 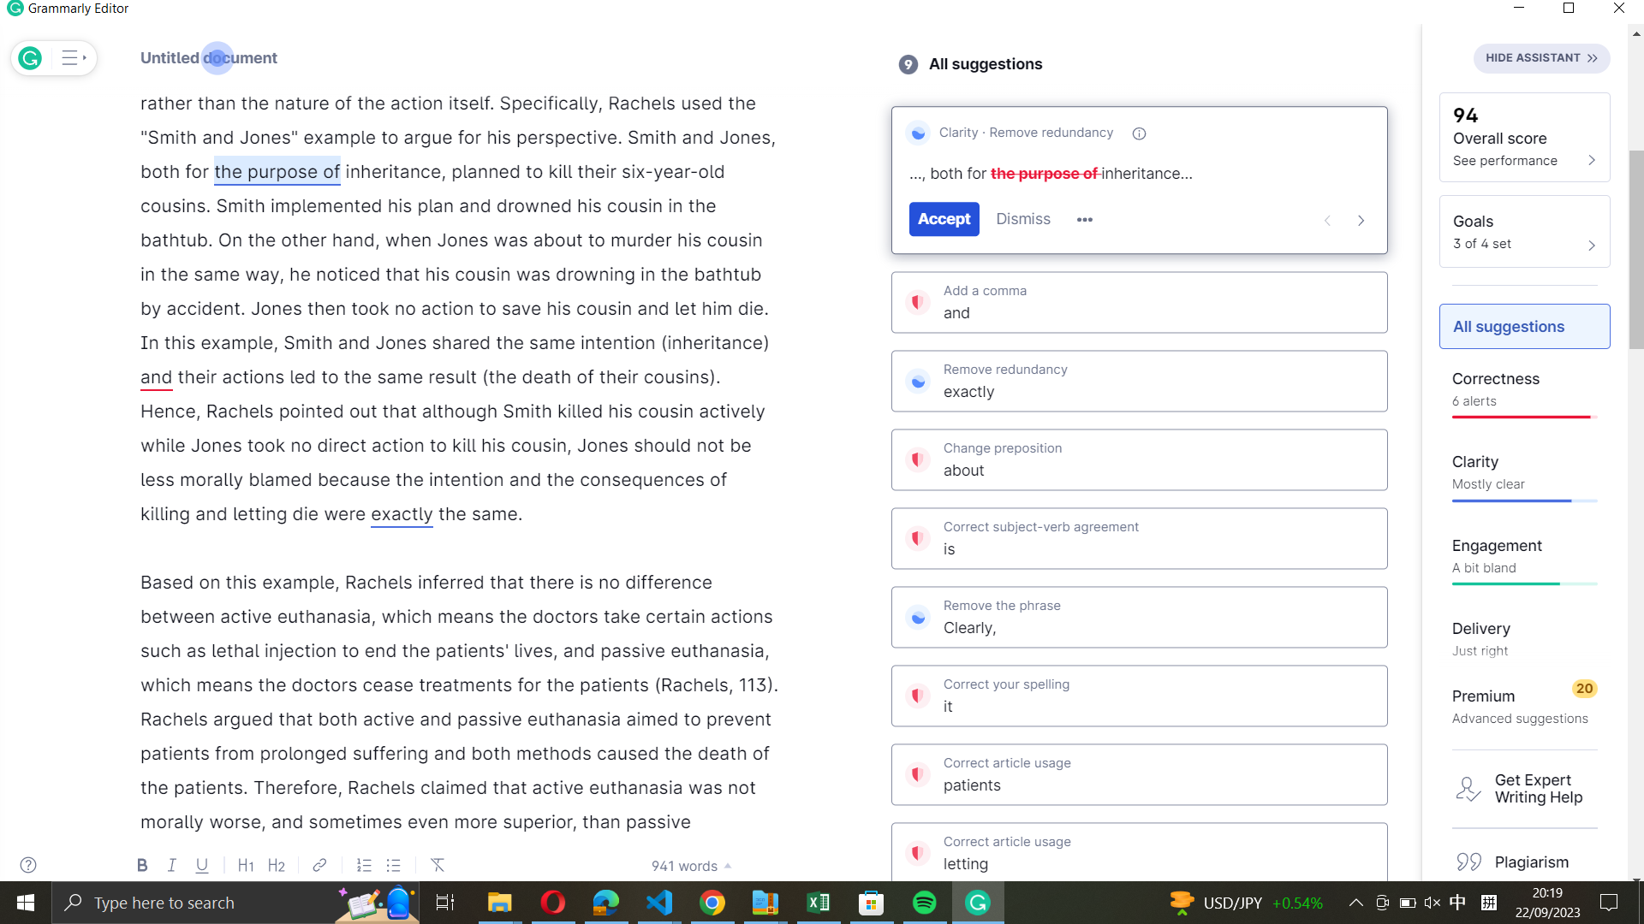 I want to click on Accept Grammarly"s suggestion with correct subject-verb agreement, so click(x=1138, y=539).